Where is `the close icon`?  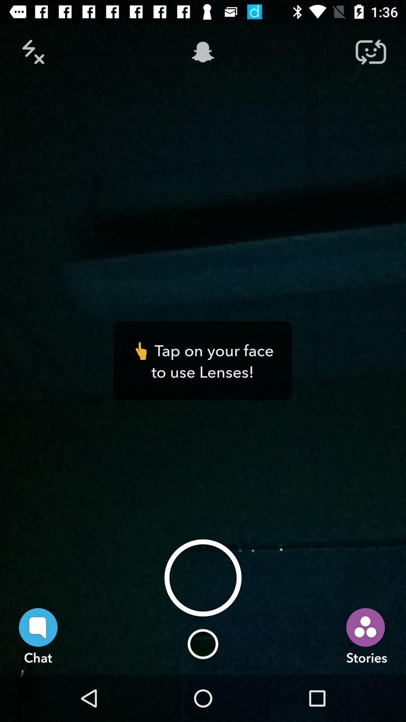
the close icon is located at coordinates (35, 52).